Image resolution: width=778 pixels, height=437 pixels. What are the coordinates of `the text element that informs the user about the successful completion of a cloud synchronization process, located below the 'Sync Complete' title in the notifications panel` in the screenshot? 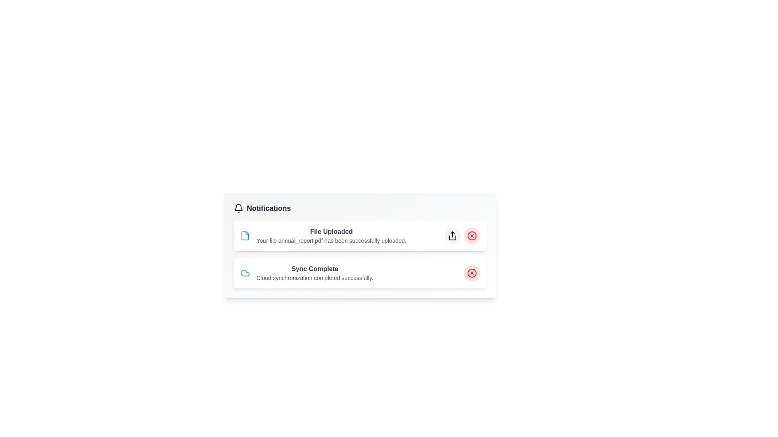 It's located at (314, 277).